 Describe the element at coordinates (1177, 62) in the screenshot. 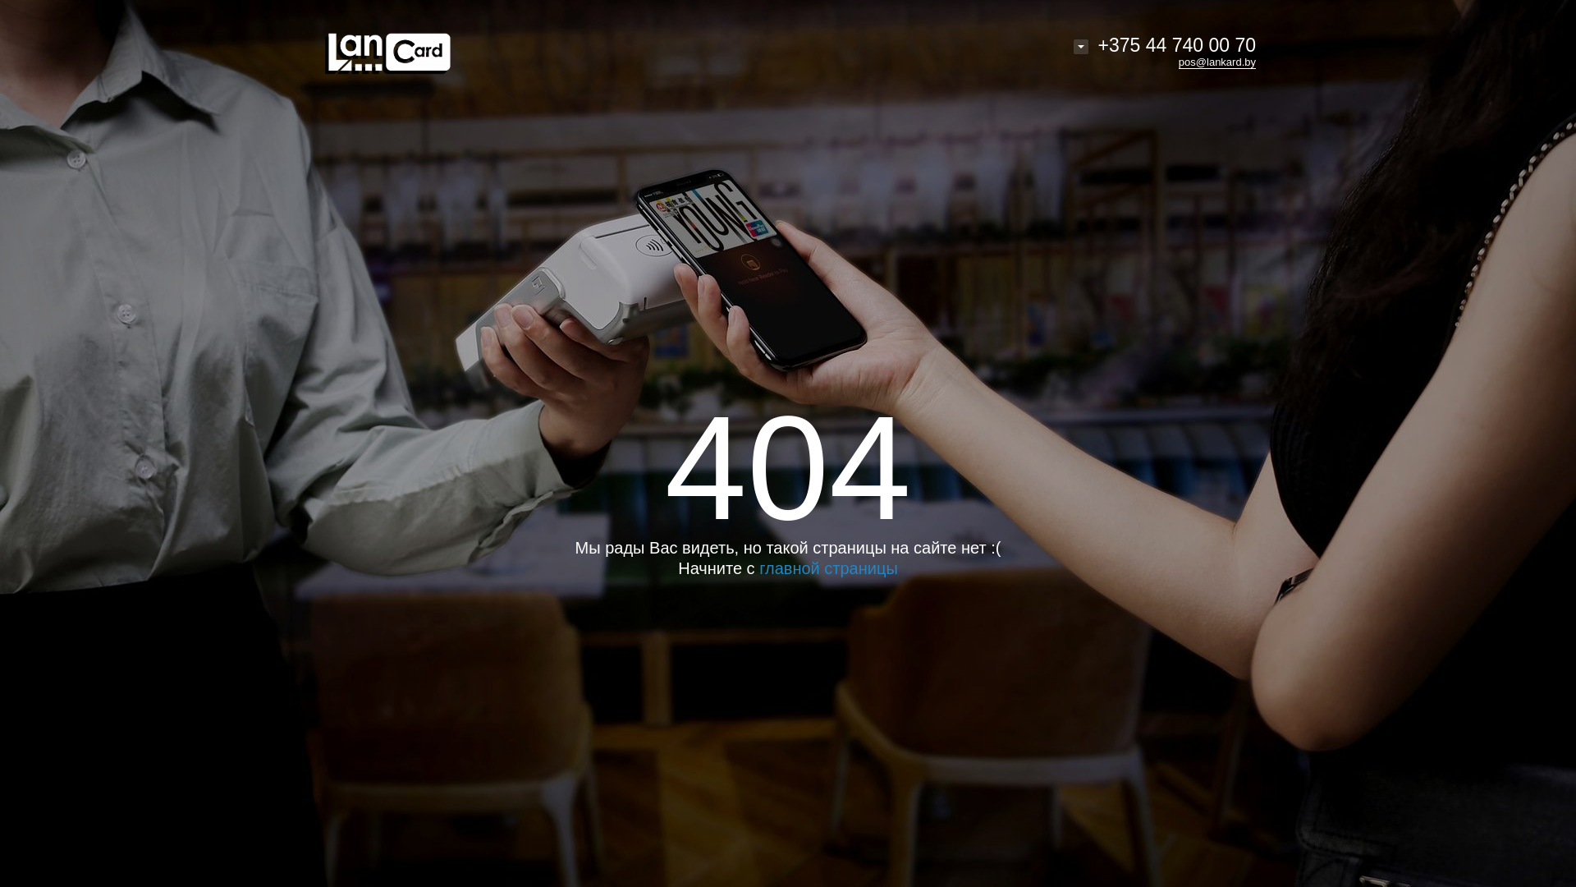

I see `'pos@lankard.by'` at that location.